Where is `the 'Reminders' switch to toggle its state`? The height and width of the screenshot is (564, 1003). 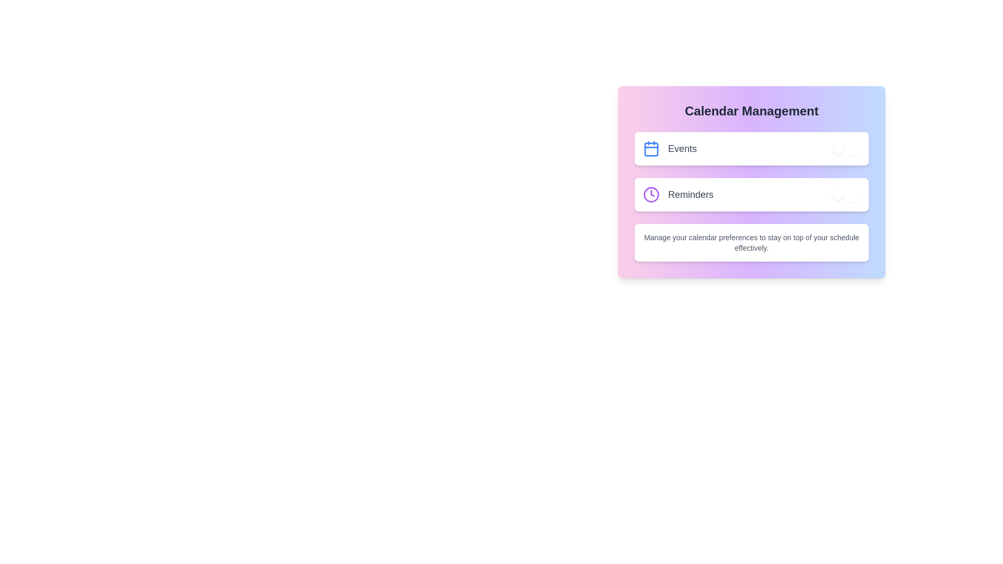
the 'Reminders' switch to toggle its state is located at coordinates (845, 195).